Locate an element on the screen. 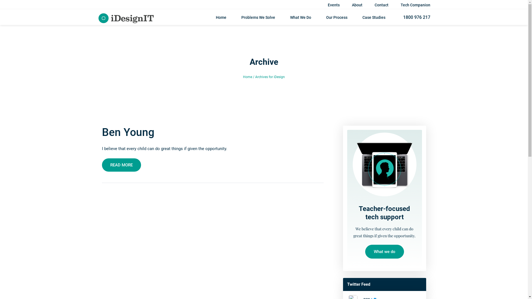 This screenshot has height=299, width=532. 'Ben Young' is located at coordinates (102, 132).